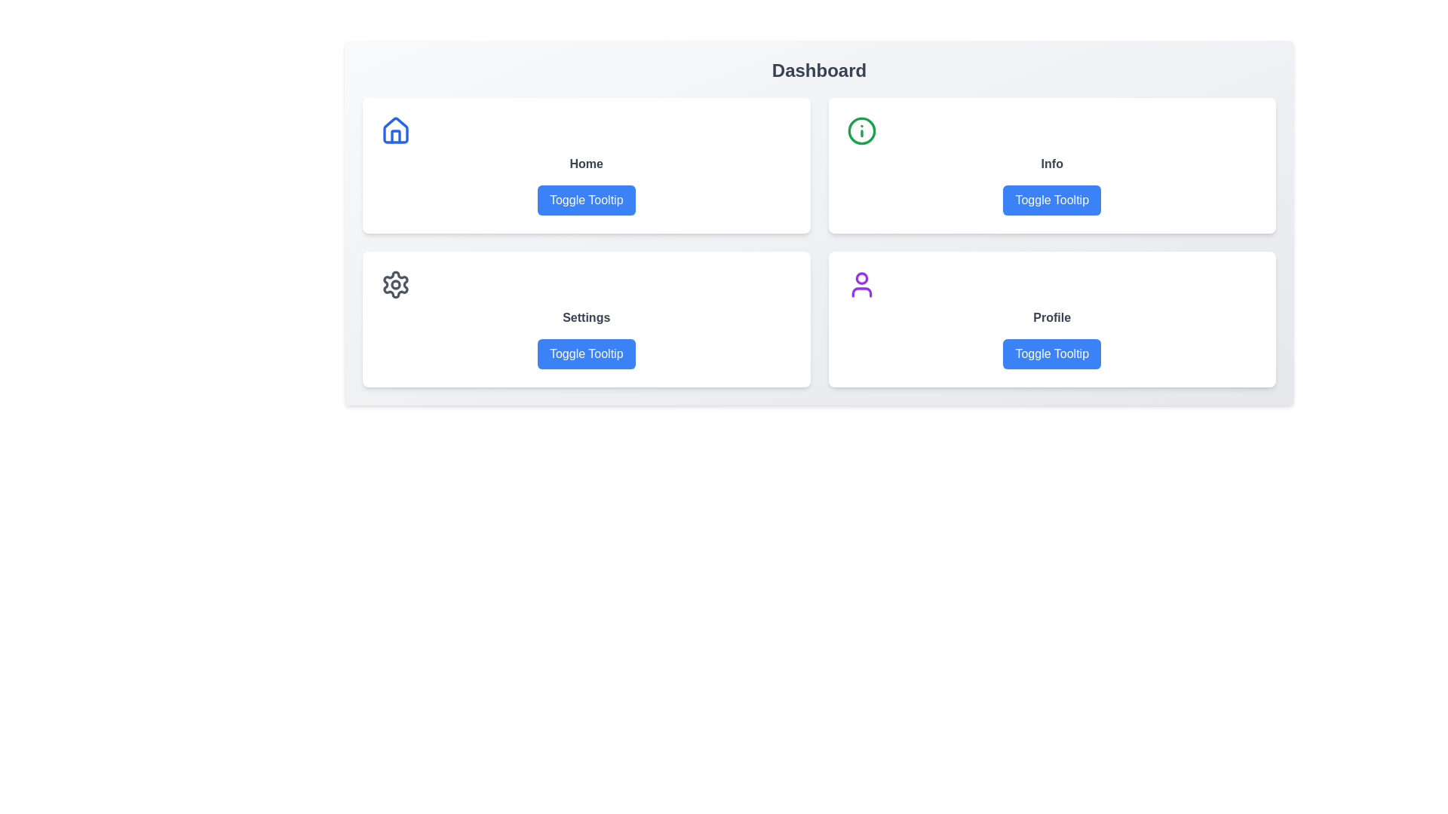 This screenshot has width=1448, height=814. I want to click on the rounded rectangular button with a blue background labeled 'Toggle Tooltip' located in the lower part of the 'Home' section on the dashboard, so click(585, 200).